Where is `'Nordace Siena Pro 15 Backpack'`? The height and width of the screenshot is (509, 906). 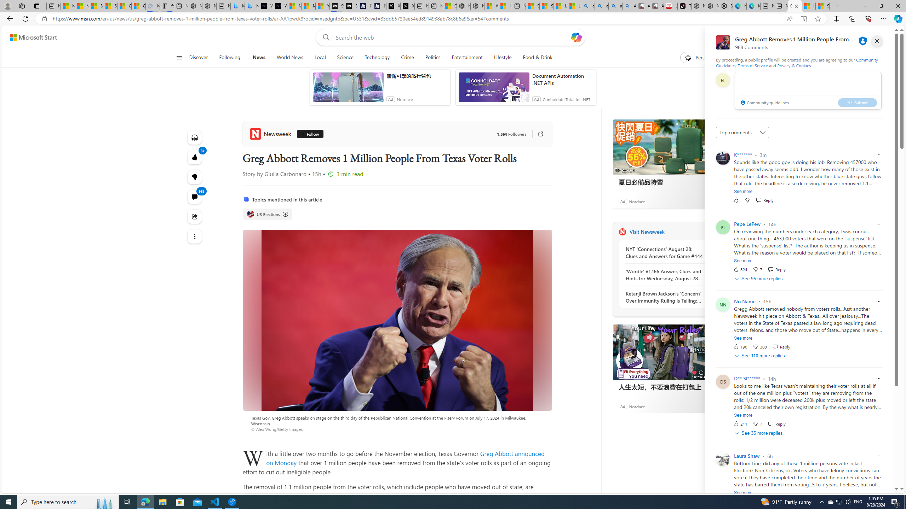
'Nordace Siena Pro 15 Backpack' is located at coordinates (712, 6).